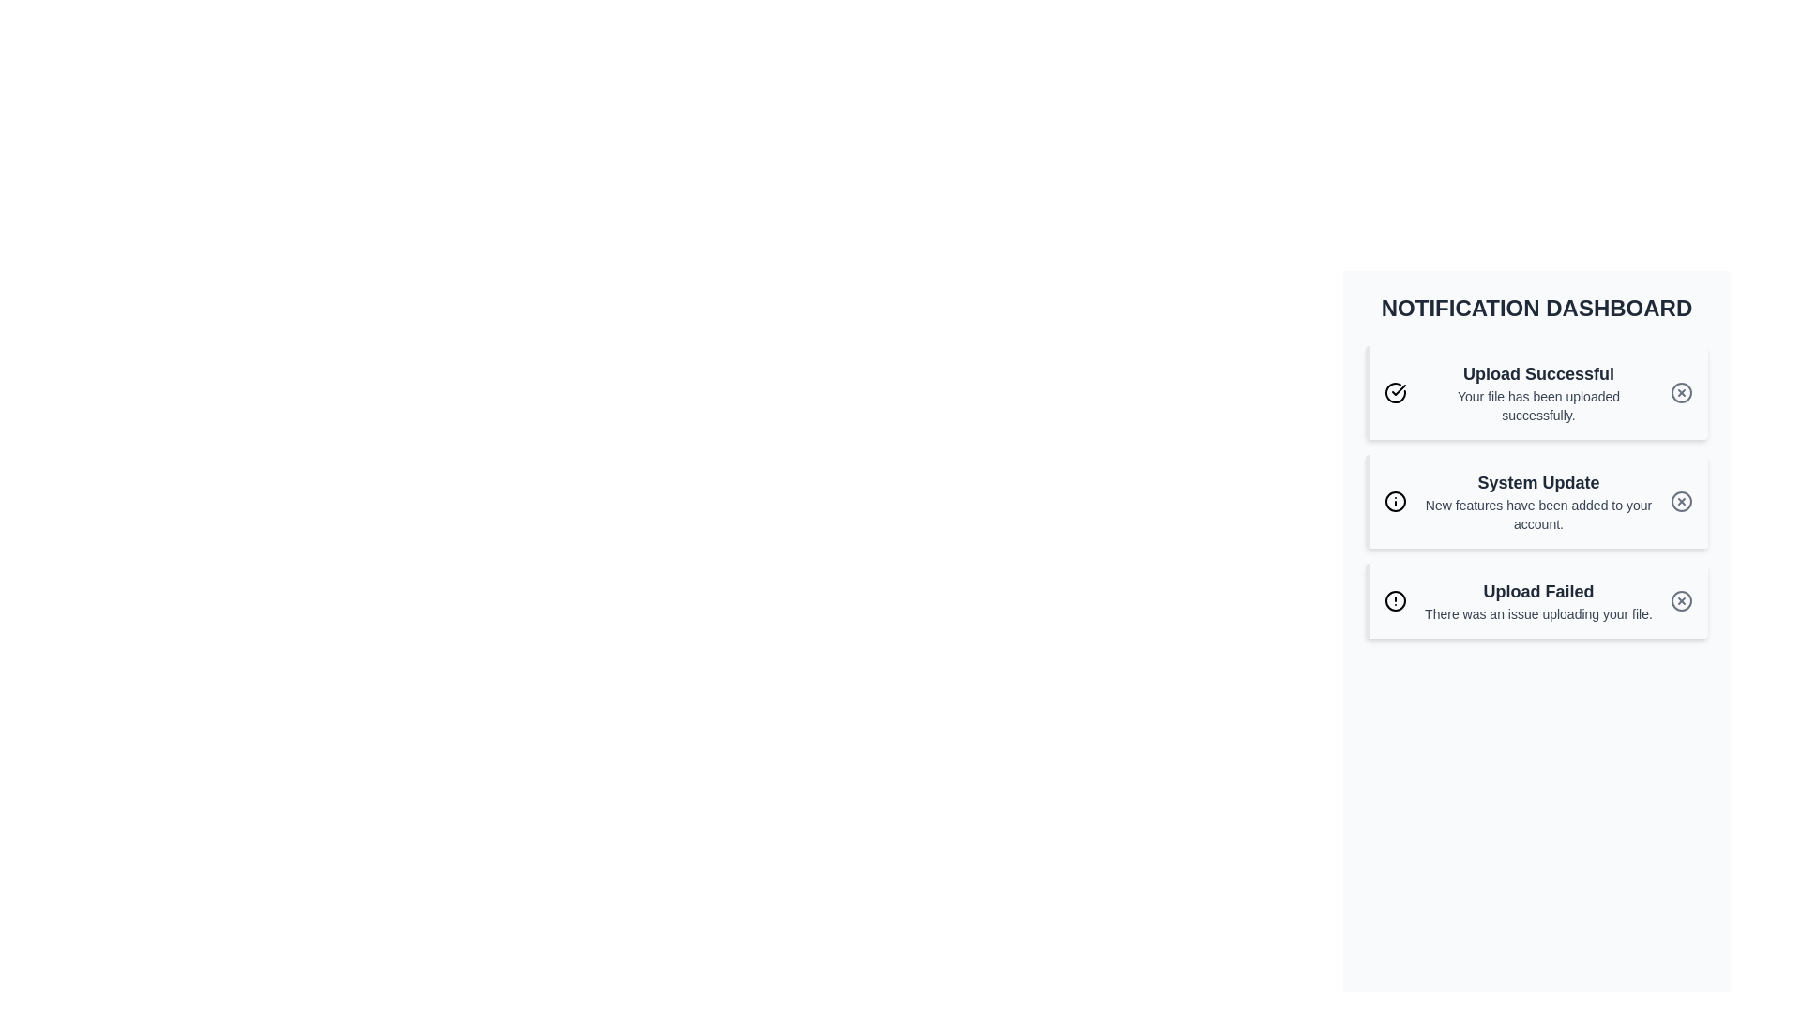  What do you see at coordinates (1396, 501) in the screenshot?
I see `the hollow ring icon with a black border and white fill located to the left of the 'System Update' notification in the notification dashboard` at bounding box center [1396, 501].